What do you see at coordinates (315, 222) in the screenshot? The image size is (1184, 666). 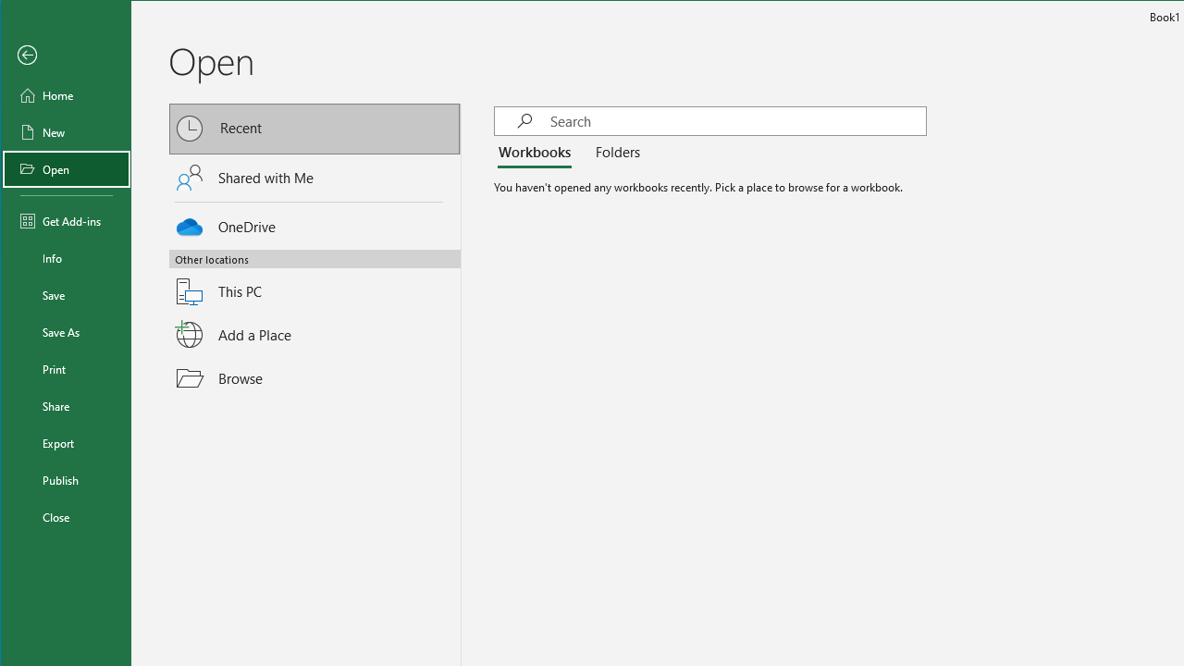 I see `'OneDrive'` at bounding box center [315, 222].